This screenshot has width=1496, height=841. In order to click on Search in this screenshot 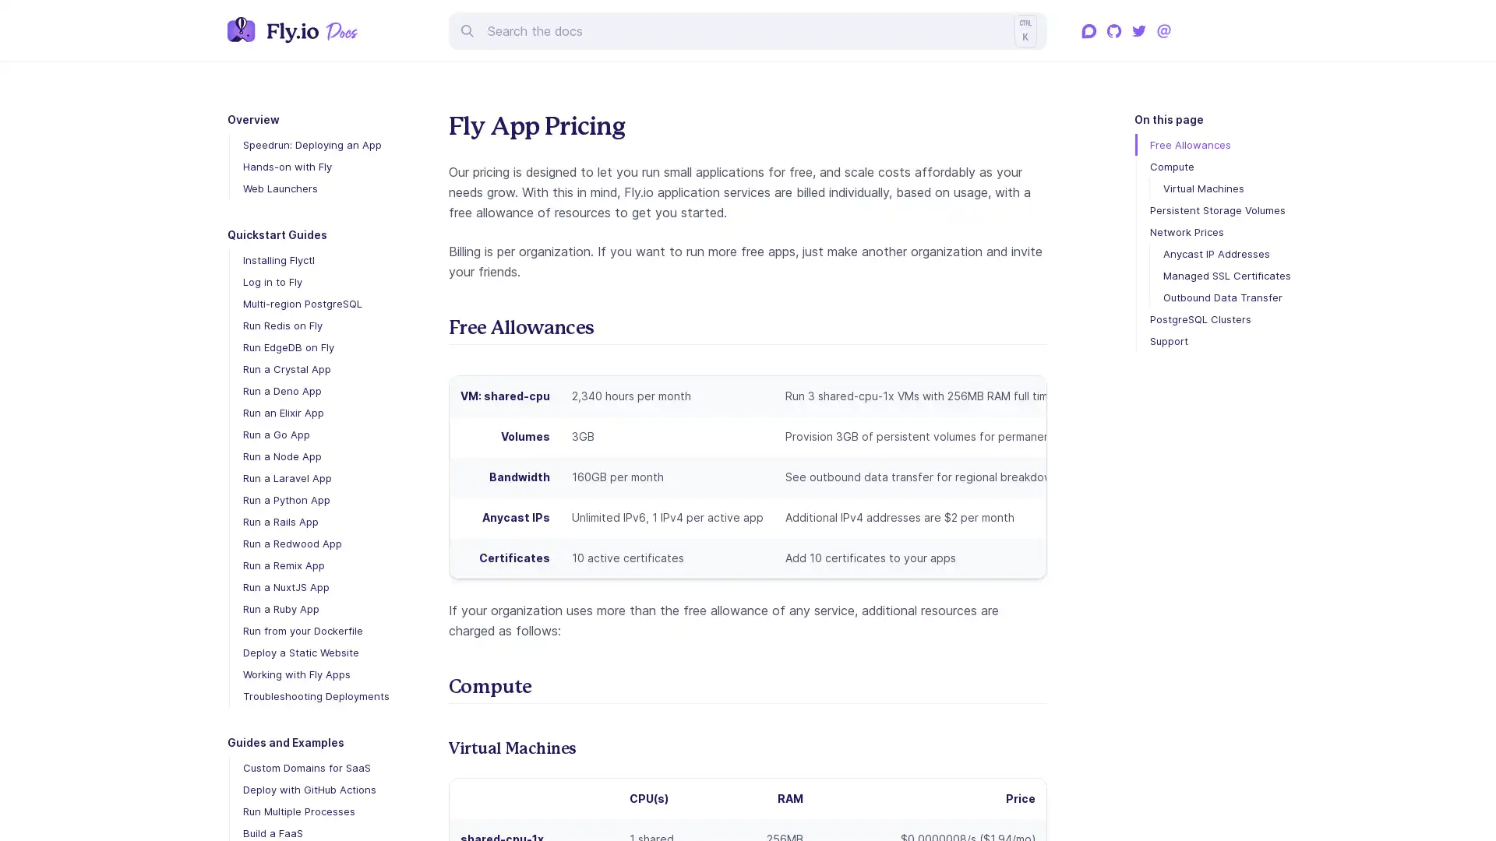, I will do `click(748, 30)`.